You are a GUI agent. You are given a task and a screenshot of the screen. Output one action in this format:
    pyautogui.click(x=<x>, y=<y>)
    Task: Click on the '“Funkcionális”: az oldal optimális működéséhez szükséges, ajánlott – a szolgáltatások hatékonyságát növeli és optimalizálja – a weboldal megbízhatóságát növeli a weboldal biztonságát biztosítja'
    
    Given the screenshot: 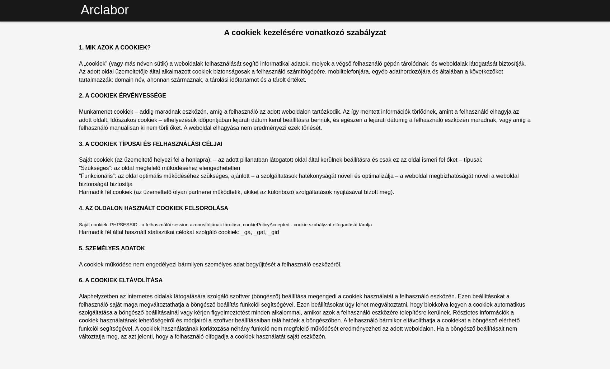 What is the action you would take?
    pyautogui.click(x=298, y=180)
    